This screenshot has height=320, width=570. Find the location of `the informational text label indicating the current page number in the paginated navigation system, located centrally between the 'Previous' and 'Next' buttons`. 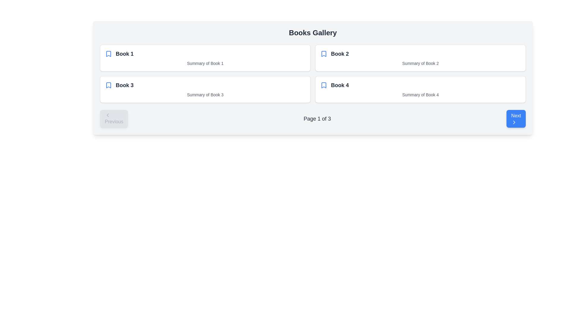

the informational text label indicating the current page number in the paginated navigation system, located centrally between the 'Previous' and 'Next' buttons is located at coordinates (317, 119).